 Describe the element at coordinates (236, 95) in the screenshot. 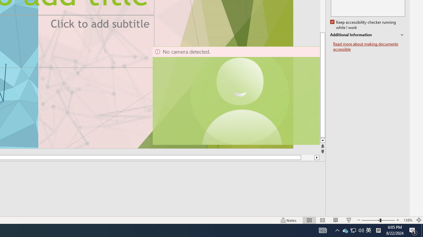

I see `'Camera 14, No camera detected.'` at that location.